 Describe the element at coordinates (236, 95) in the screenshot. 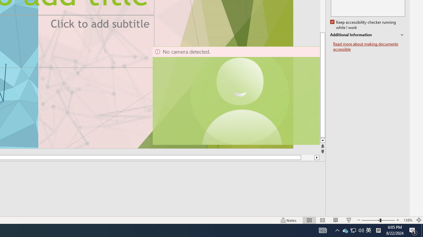

I see `'Camera 14, No camera detected.'` at that location.